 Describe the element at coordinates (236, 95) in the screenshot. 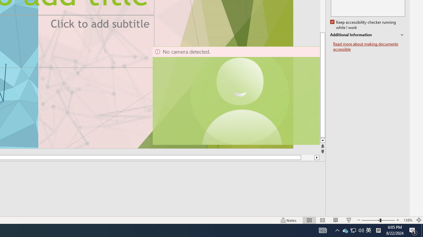

I see `'Camera 14, No camera detected.'` at that location.